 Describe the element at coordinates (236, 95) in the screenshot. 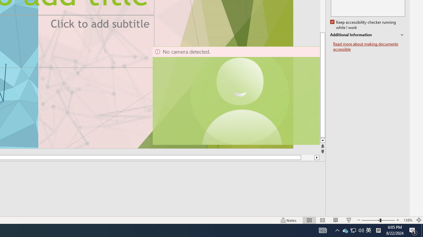

I see `'Camera 14, No camera detected.'` at that location.